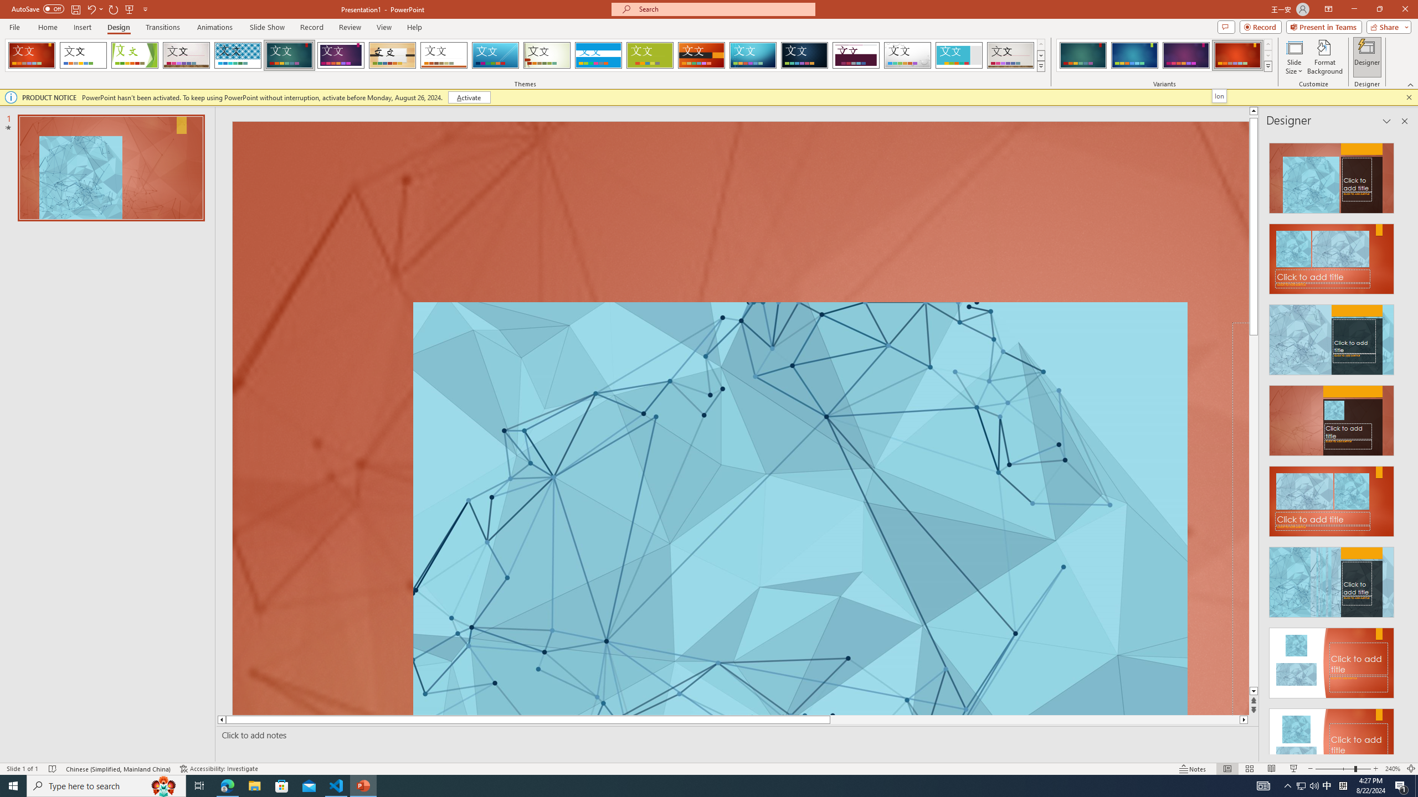 The image size is (1418, 797). I want to click on 'Close this message', so click(1409, 97).